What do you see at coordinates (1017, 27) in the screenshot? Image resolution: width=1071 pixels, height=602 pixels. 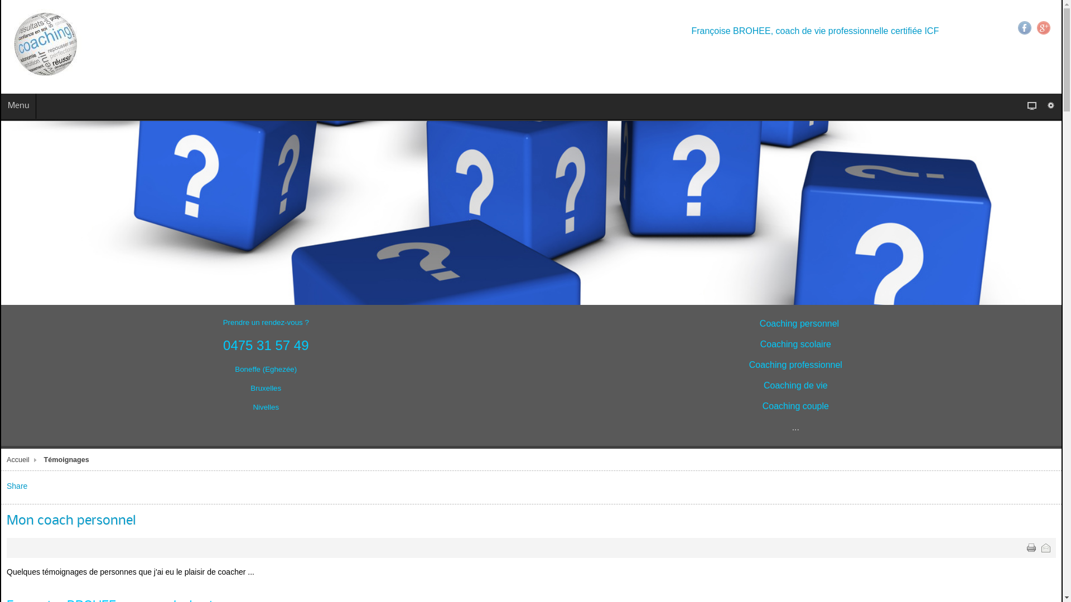 I see `'Facebook'` at bounding box center [1017, 27].